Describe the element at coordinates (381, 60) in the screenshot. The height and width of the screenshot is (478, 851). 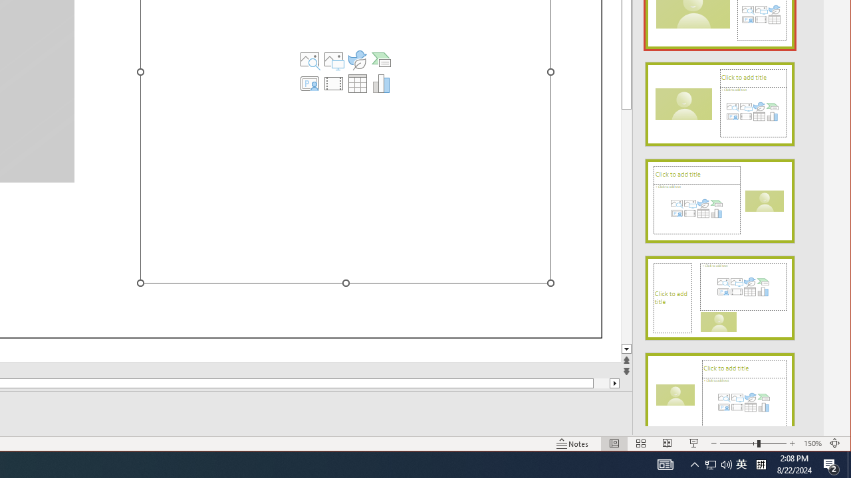
I see `'Insert a SmartArt Graphic'` at that location.